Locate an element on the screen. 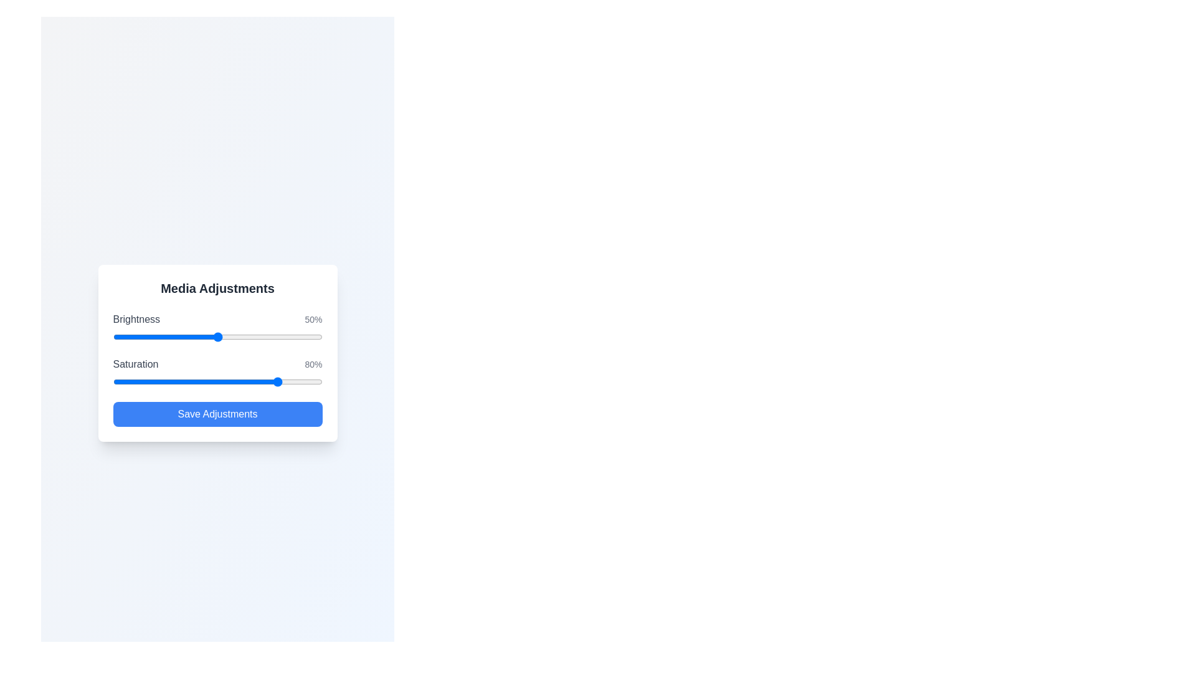 Image resolution: width=1196 pixels, height=673 pixels. the brightness slider to 54% is located at coordinates (225, 336).